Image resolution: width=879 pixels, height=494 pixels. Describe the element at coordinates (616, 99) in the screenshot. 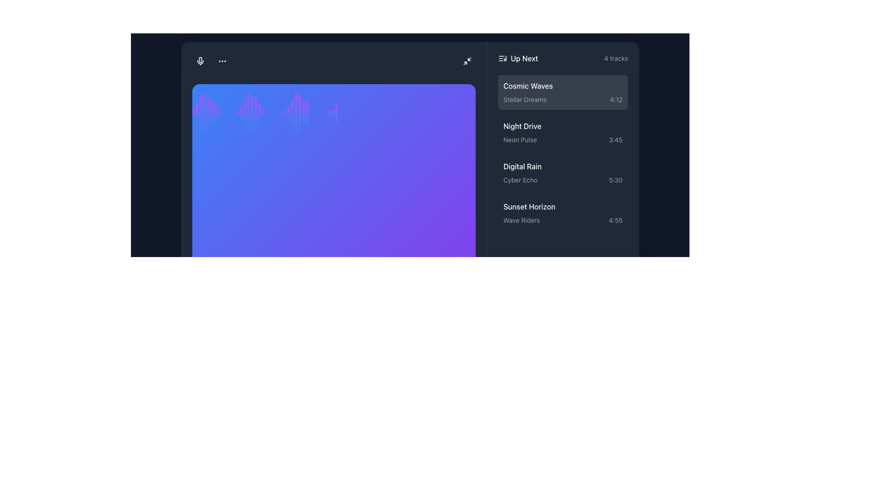

I see `the static text label displaying the duration '4:12', which is styled in light gray and positioned on the right-hand side of the row for the track 'Cosmic Waves' by 'Stellar Dreams'` at that location.